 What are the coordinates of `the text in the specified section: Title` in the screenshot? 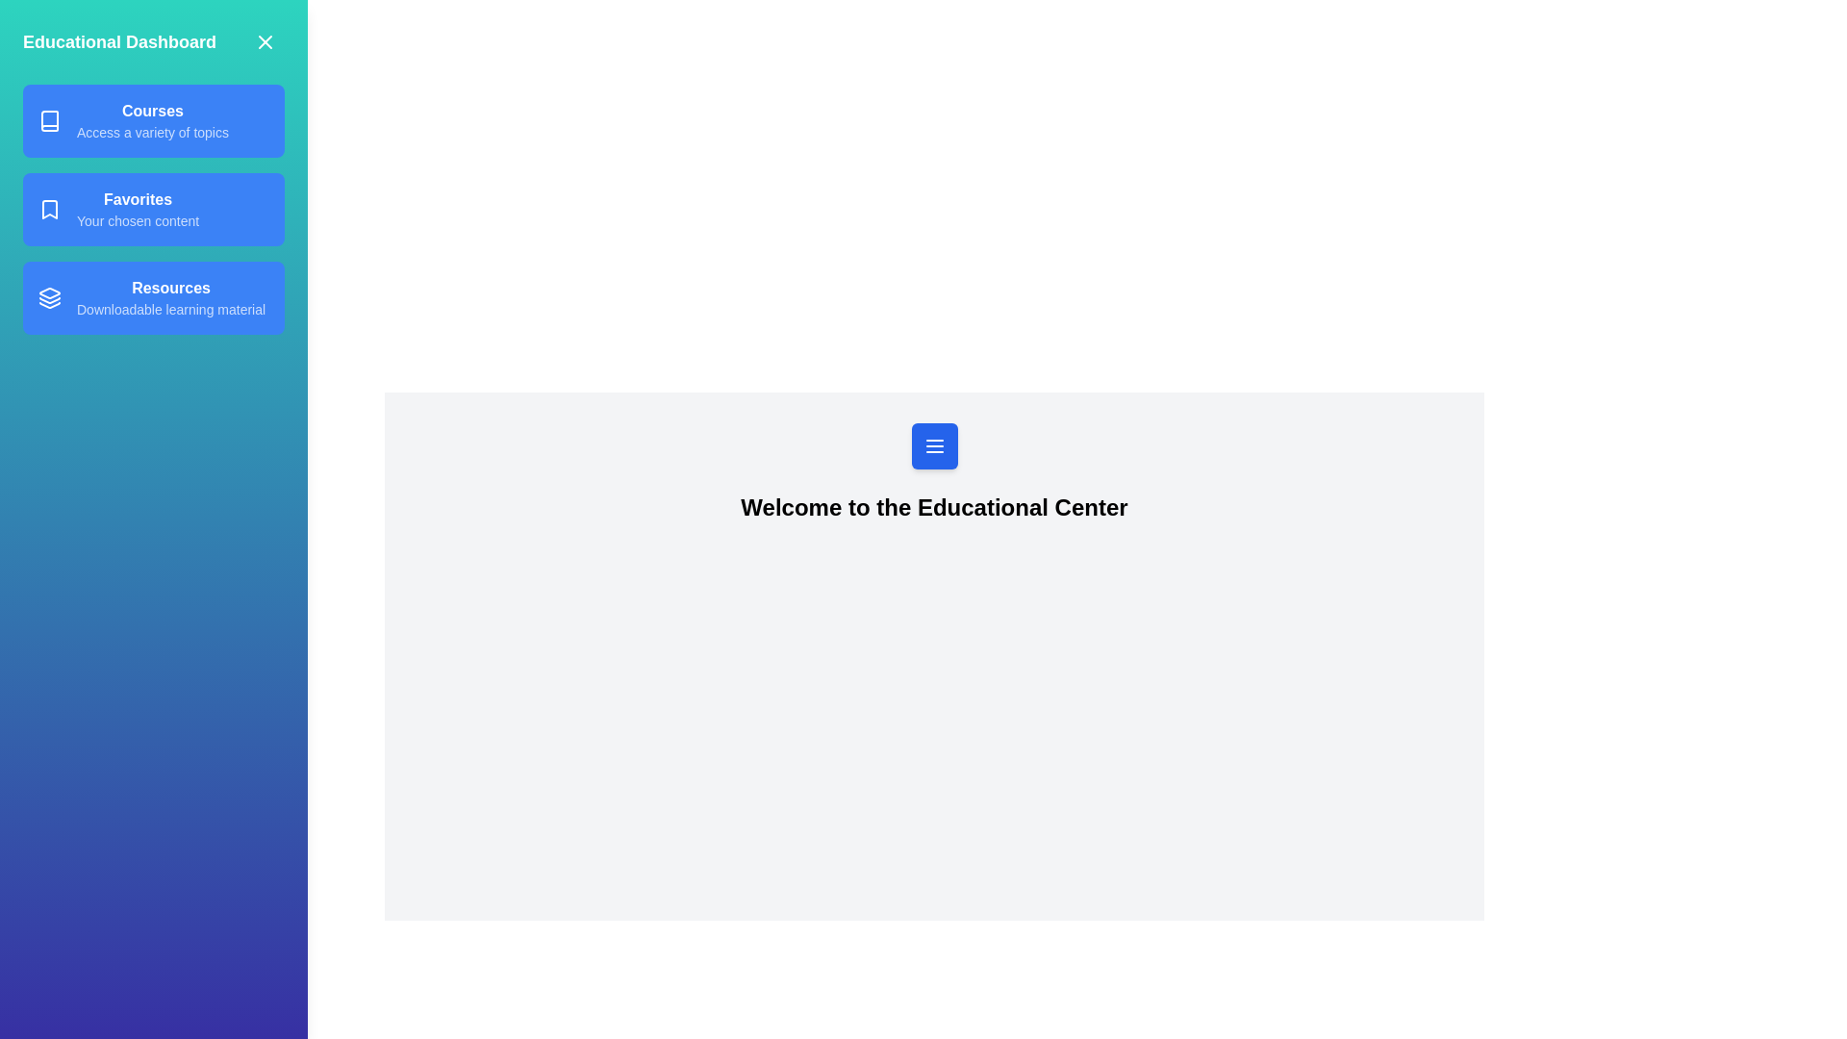 It's located at (152, 41).